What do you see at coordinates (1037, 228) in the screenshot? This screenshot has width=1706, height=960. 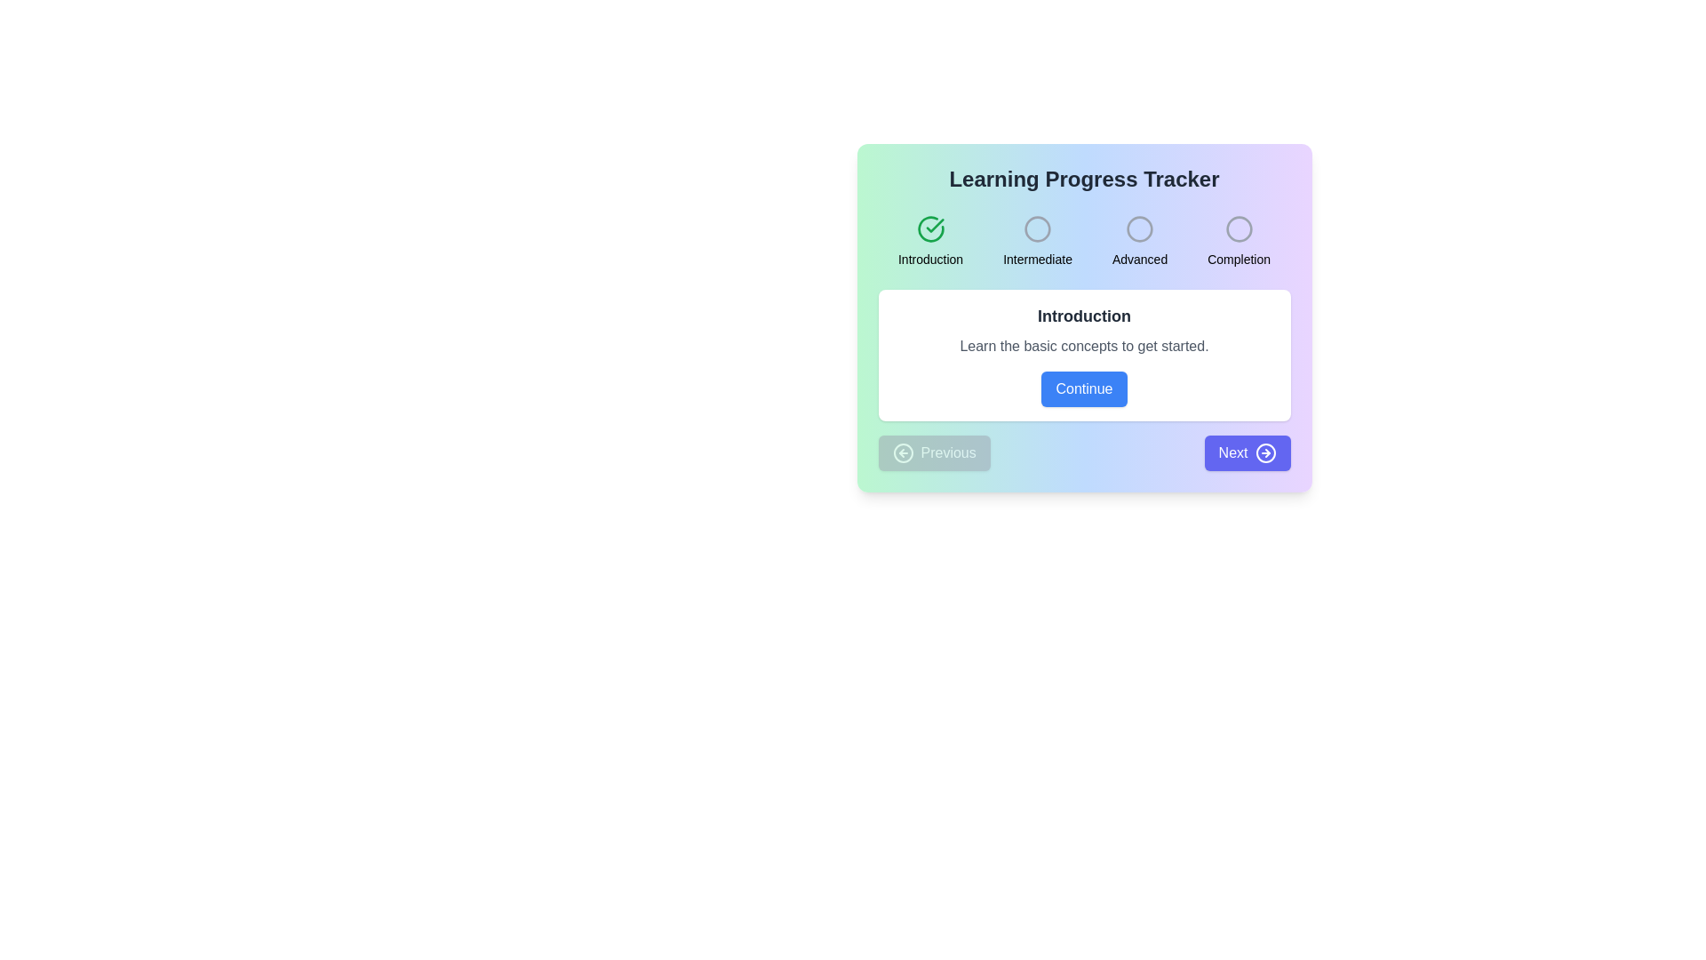 I see `properties of the hollow gray circular icon labeled 'Intermediate' within the progress tracker, located directly to the right of the green 'Introduction' checkmark icon` at bounding box center [1037, 228].